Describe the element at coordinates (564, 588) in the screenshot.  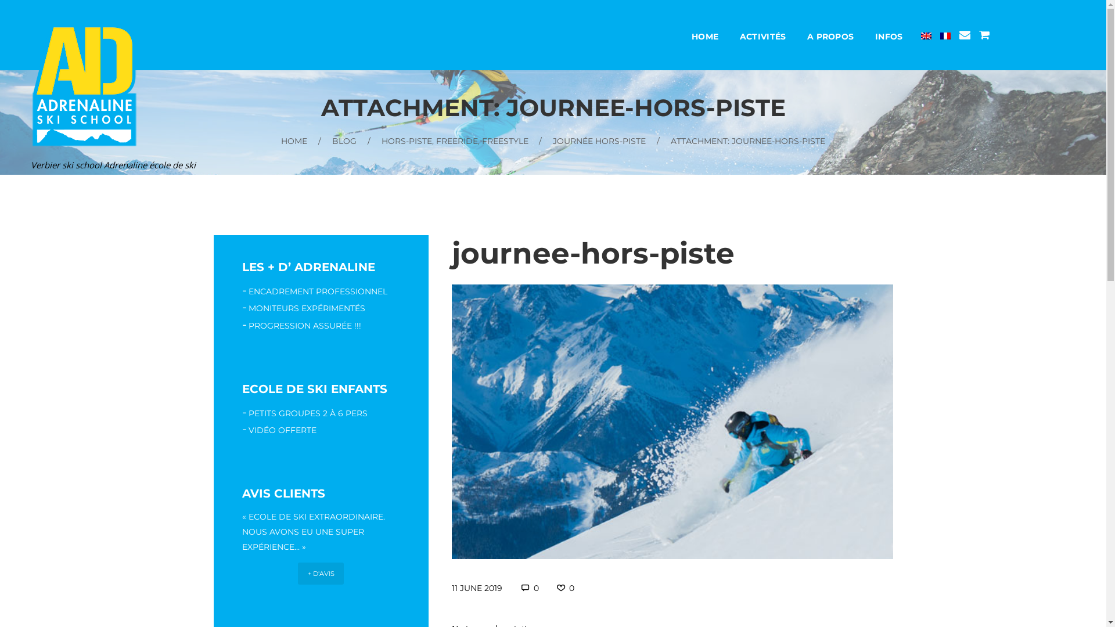
I see `'0'` at that location.